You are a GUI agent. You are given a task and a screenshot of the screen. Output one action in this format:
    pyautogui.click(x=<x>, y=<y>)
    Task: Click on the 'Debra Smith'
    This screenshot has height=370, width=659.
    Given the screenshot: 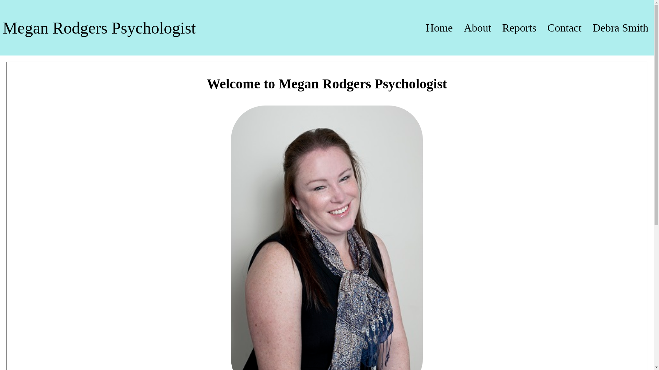 What is the action you would take?
    pyautogui.click(x=620, y=27)
    